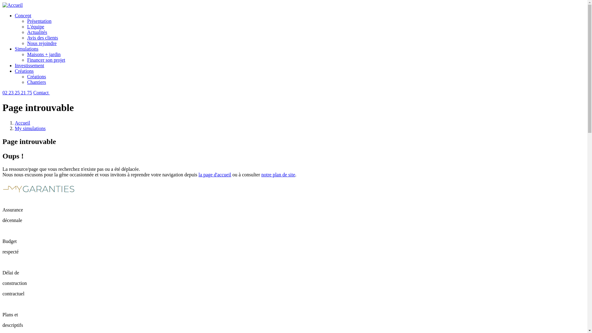 This screenshot has width=592, height=333. Describe the element at coordinates (36, 82) in the screenshot. I see `'Chantiers'` at that location.